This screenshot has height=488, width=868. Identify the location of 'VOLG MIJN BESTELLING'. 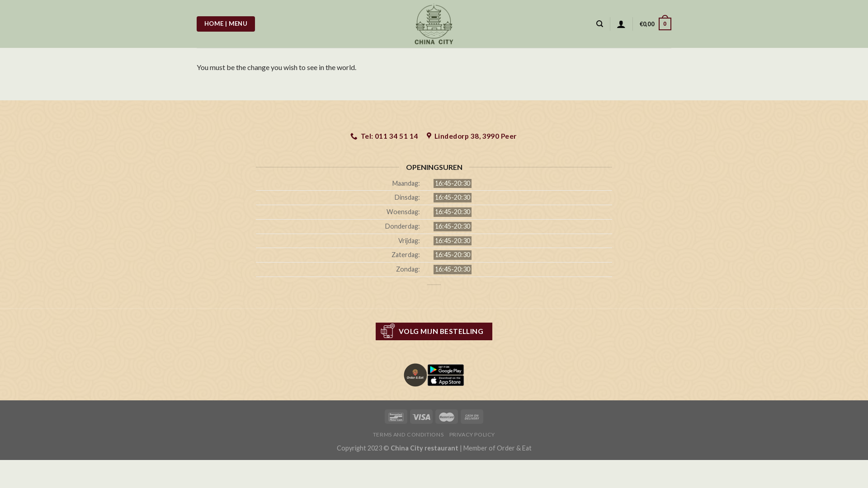
(434, 331).